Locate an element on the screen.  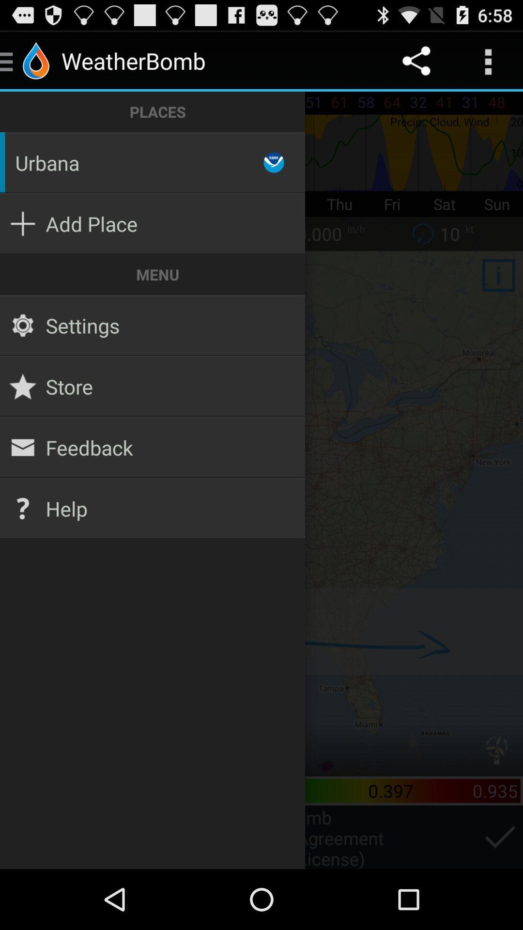
the info icon is located at coordinates (498, 294).